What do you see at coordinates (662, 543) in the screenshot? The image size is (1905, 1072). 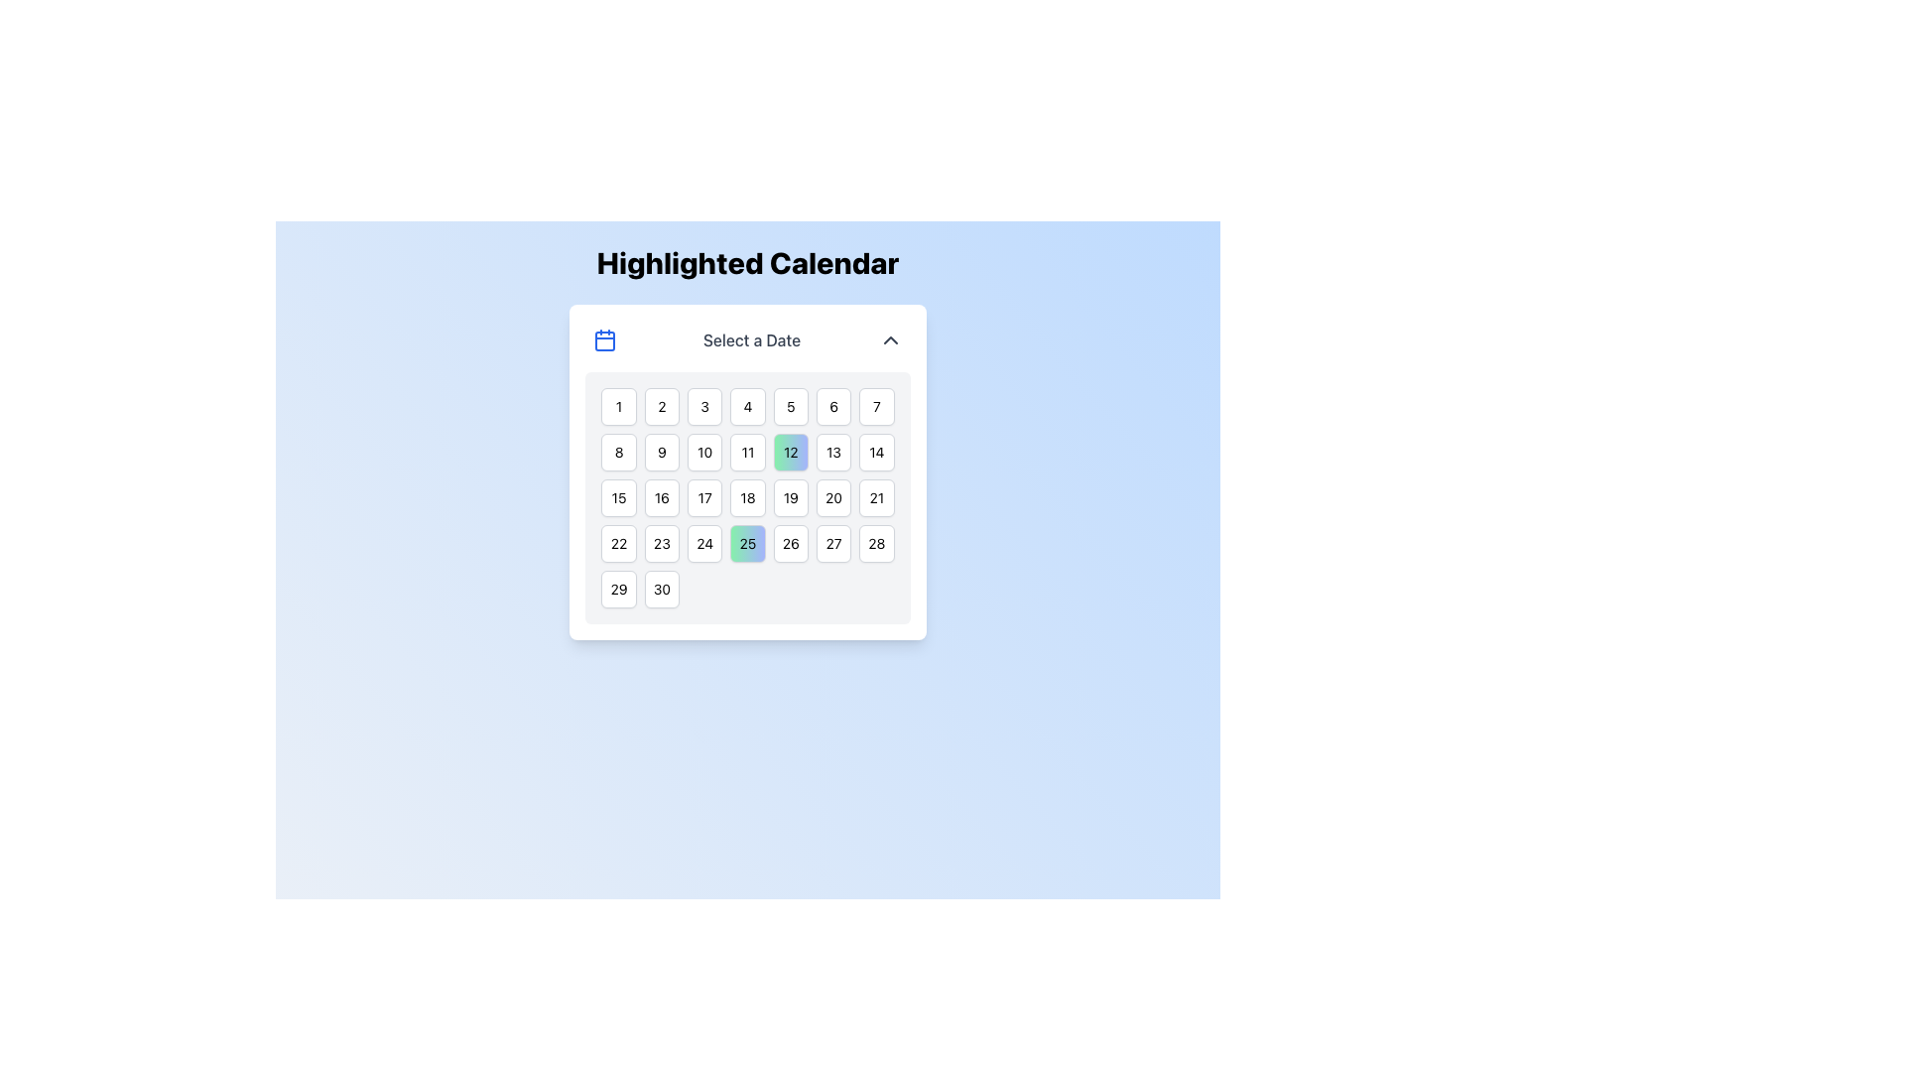 I see `the rectangular white button labeled '23' with rounded corners` at bounding box center [662, 543].